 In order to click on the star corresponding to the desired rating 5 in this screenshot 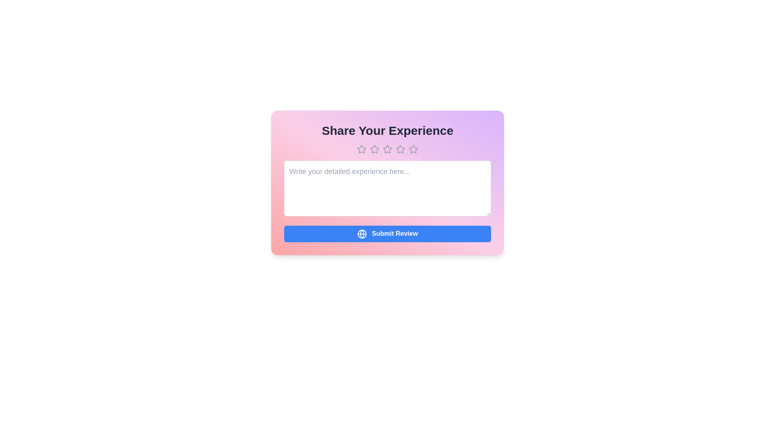, I will do `click(413, 149)`.